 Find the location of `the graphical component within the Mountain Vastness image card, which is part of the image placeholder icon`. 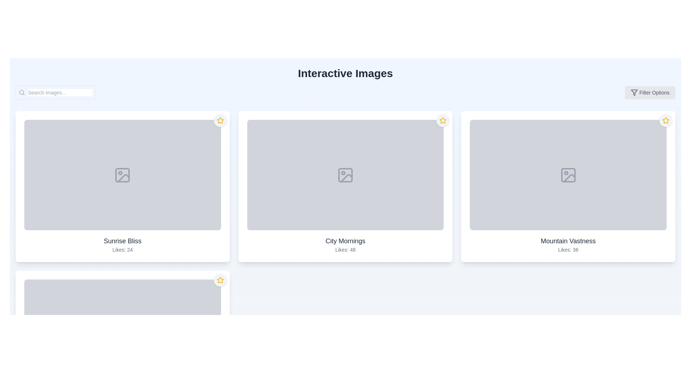

the graphical component within the Mountain Vastness image card, which is part of the image placeholder icon is located at coordinates (568, 175).